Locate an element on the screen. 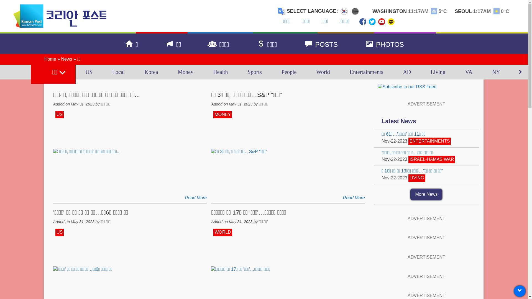  'Local' is located at coordinates (118, 72).